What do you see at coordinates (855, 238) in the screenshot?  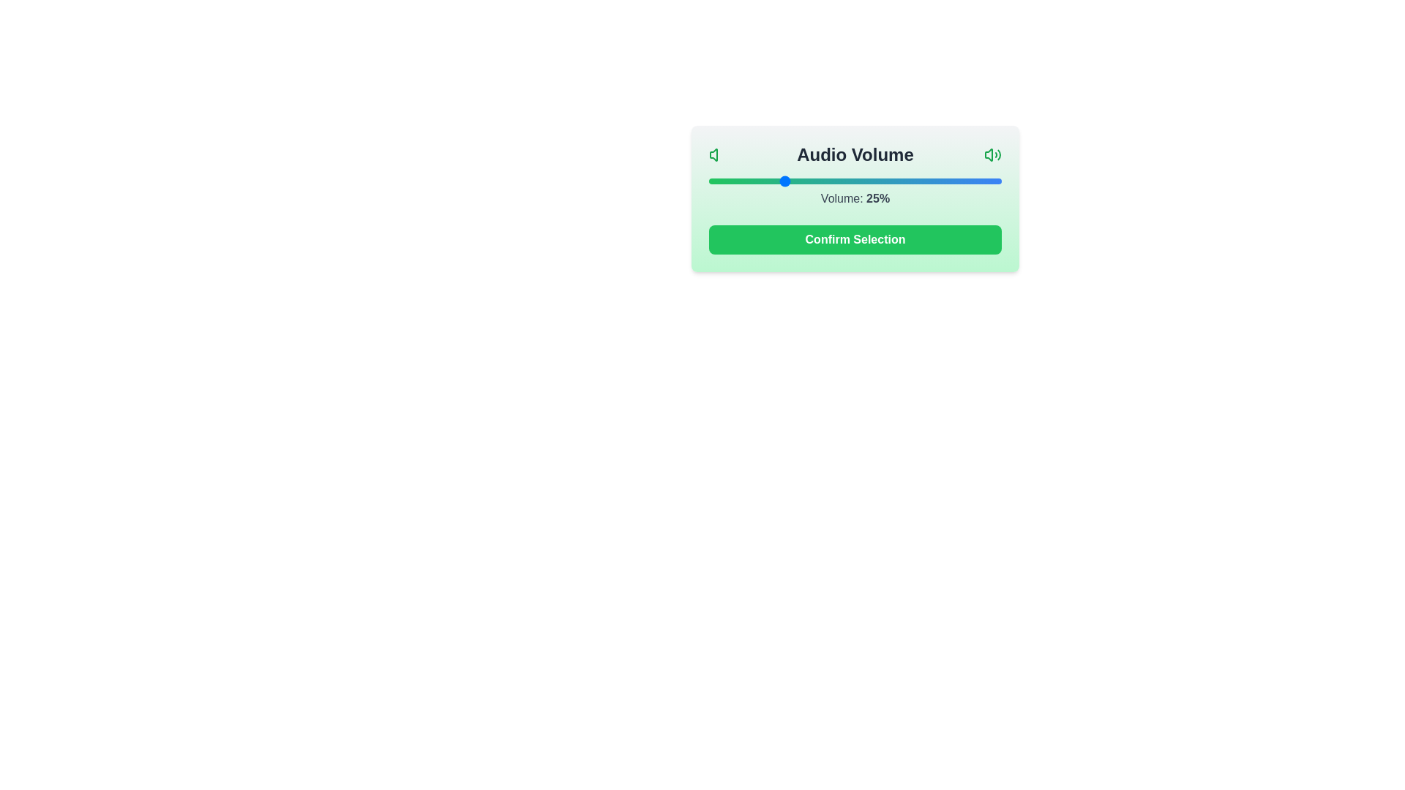 I see `the confirm button` at bounding box center [855, 238].